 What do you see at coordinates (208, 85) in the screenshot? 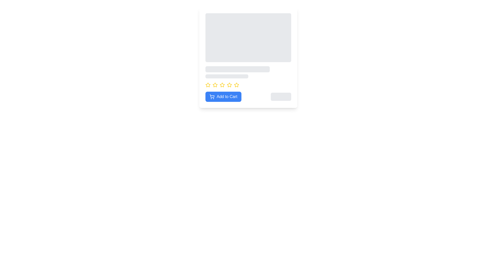
I see `the first star icon in the rating system` at bounding box center [208, 85].